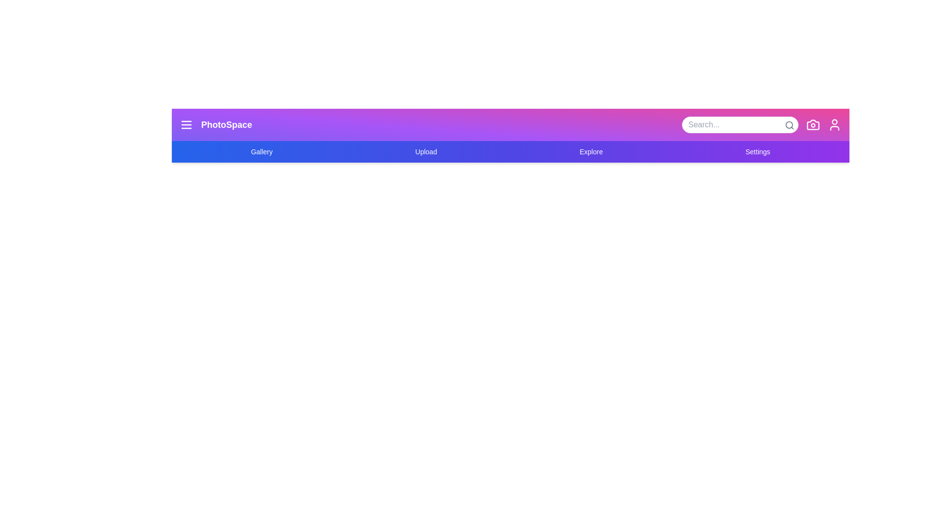  Describe the element at coordinates (425, 151) in the screenshot. I see `the navigation link Upload` at that location.